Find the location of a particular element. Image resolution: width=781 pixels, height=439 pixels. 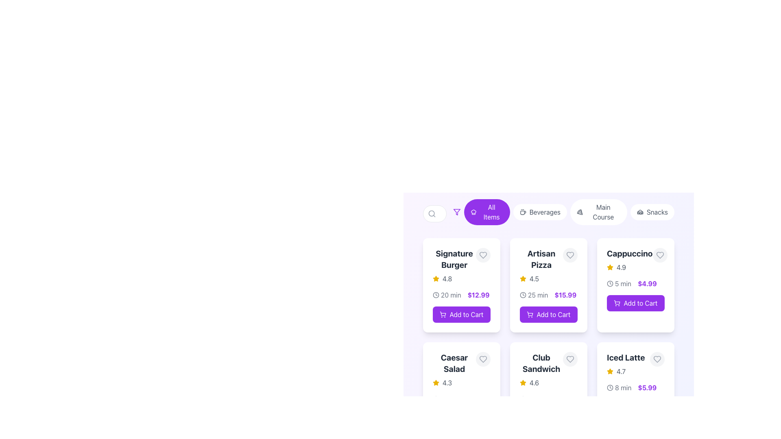

the 'Snacks' button, which is a rounded button with a sandwich icon on the left and gray text is located at coordinates (652, 211).